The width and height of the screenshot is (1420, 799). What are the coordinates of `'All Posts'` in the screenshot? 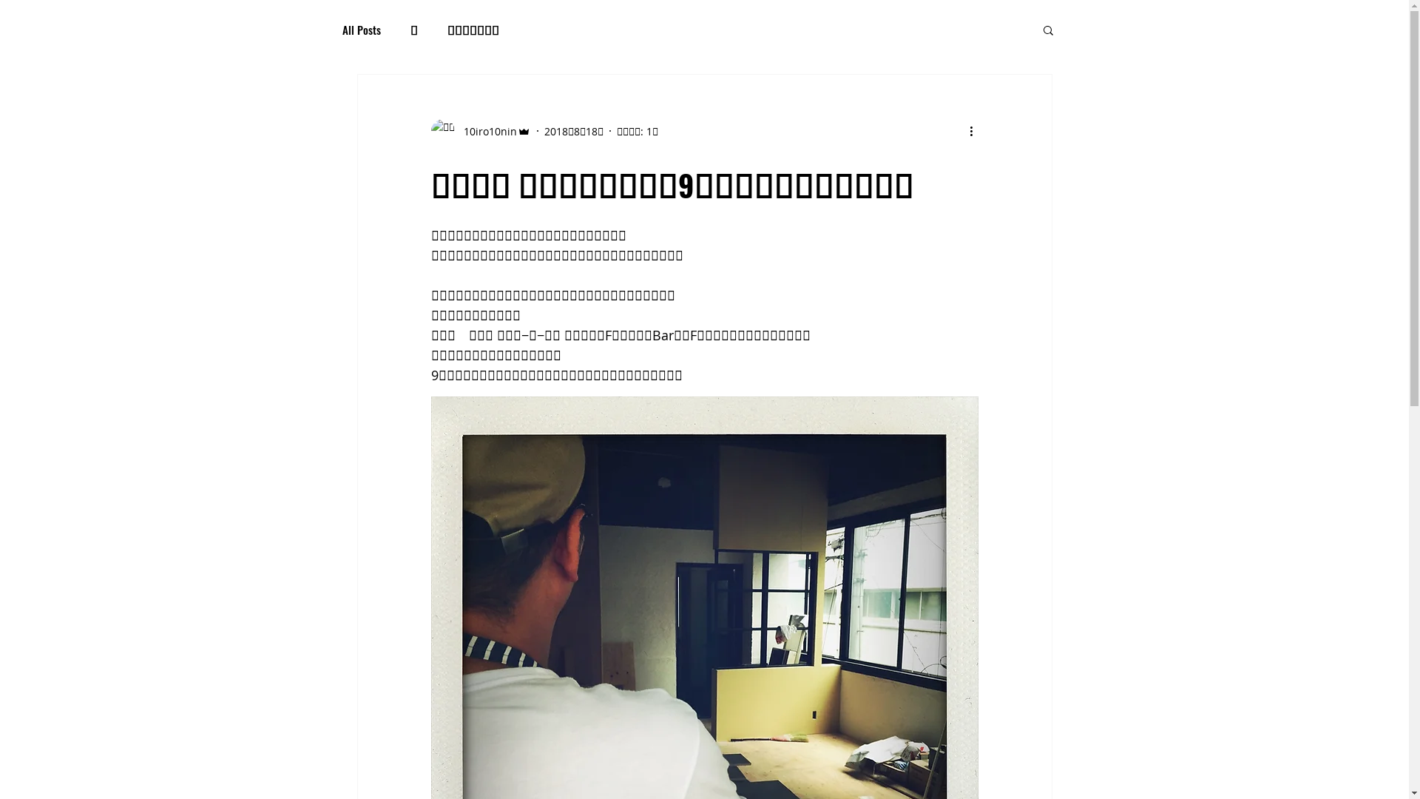 It's located at (361, 29).